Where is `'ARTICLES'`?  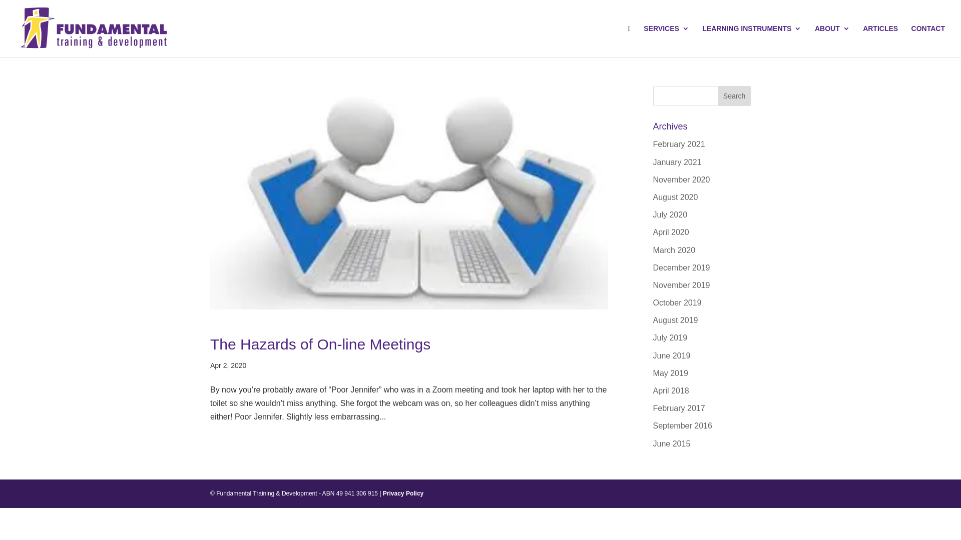
'ARTICLES' is located at coordinates (879, 40).